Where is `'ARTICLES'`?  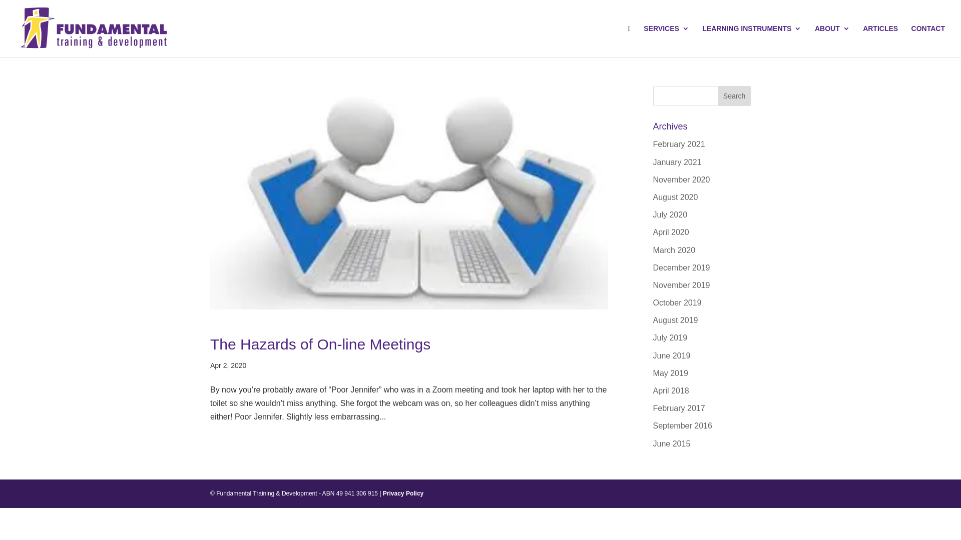
'ARTICLES' is located at coordinates (879, 40).